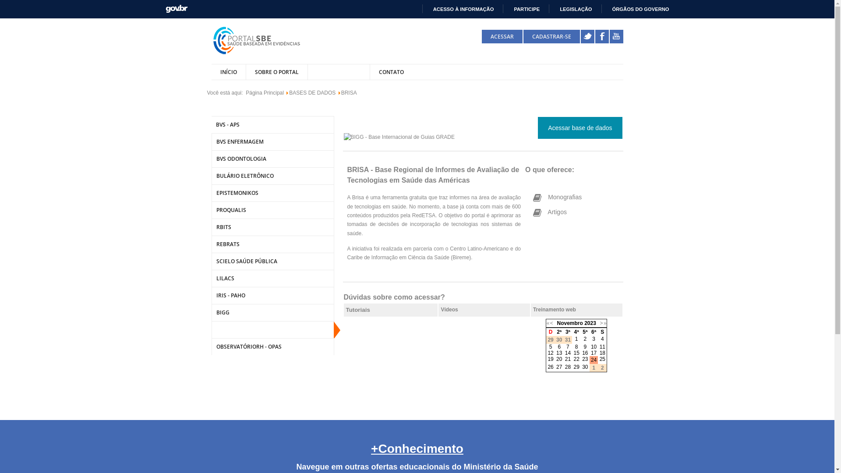 The height and width of the screenshot is (473, 841). Describe the element at coordinates (211, 210) in the screenshot. I see `'PROQUALIS'` at that location.